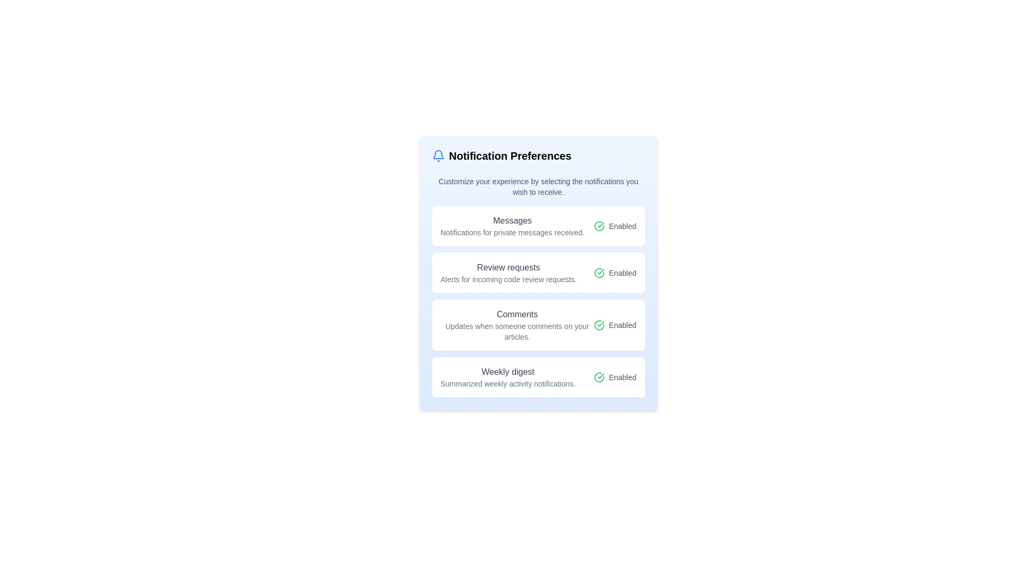  Describe the element at coordinates (538, 156) in the screenshot. I see `the header labeled 'Notification Preferences' with a blue bell icon located at the top of the notification settings card` at that location.